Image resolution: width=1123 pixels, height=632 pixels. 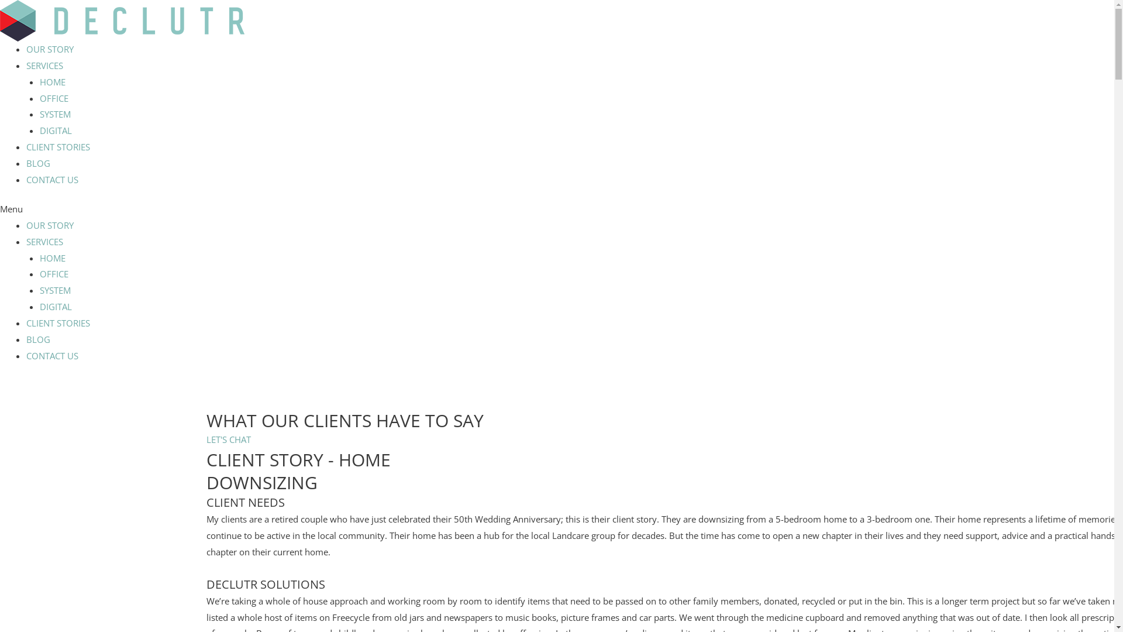 What do you see at coordinates (44, 65) in the screenshot?
I see `'SERVICES'` at bounding box center [44, 65].